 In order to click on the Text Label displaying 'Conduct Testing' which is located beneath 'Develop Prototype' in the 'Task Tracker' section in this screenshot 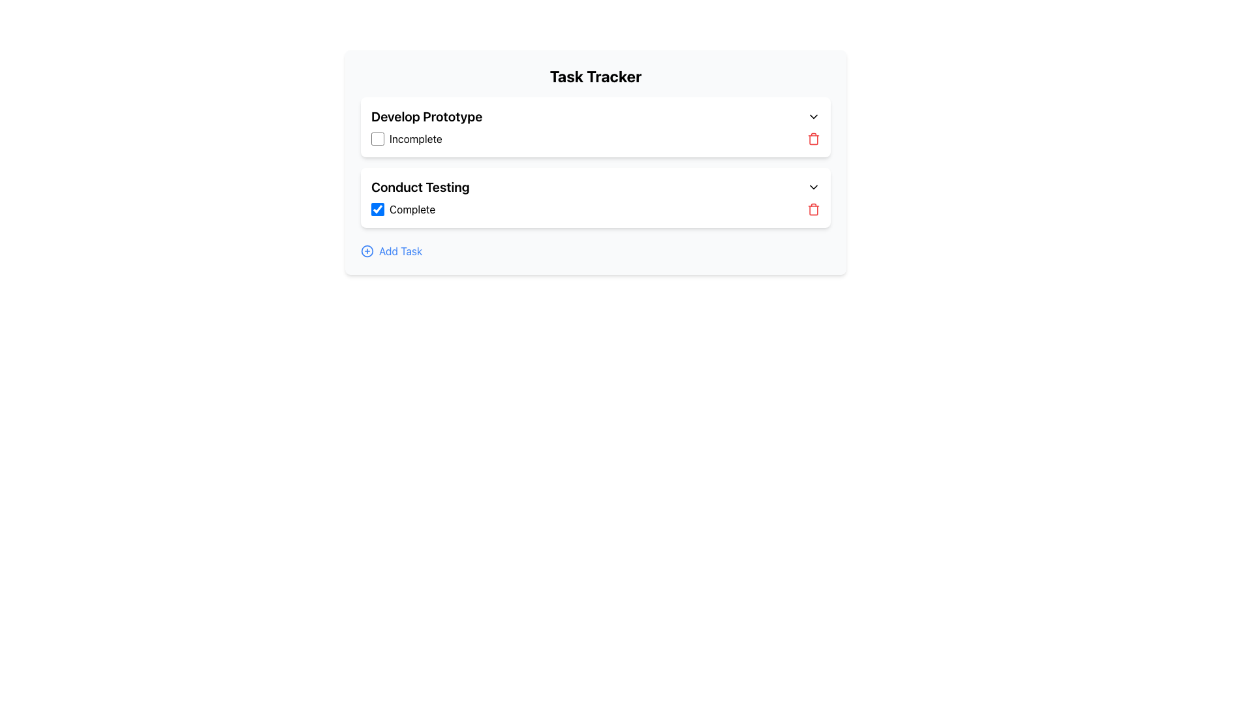, I will do `click(420, 187)`.